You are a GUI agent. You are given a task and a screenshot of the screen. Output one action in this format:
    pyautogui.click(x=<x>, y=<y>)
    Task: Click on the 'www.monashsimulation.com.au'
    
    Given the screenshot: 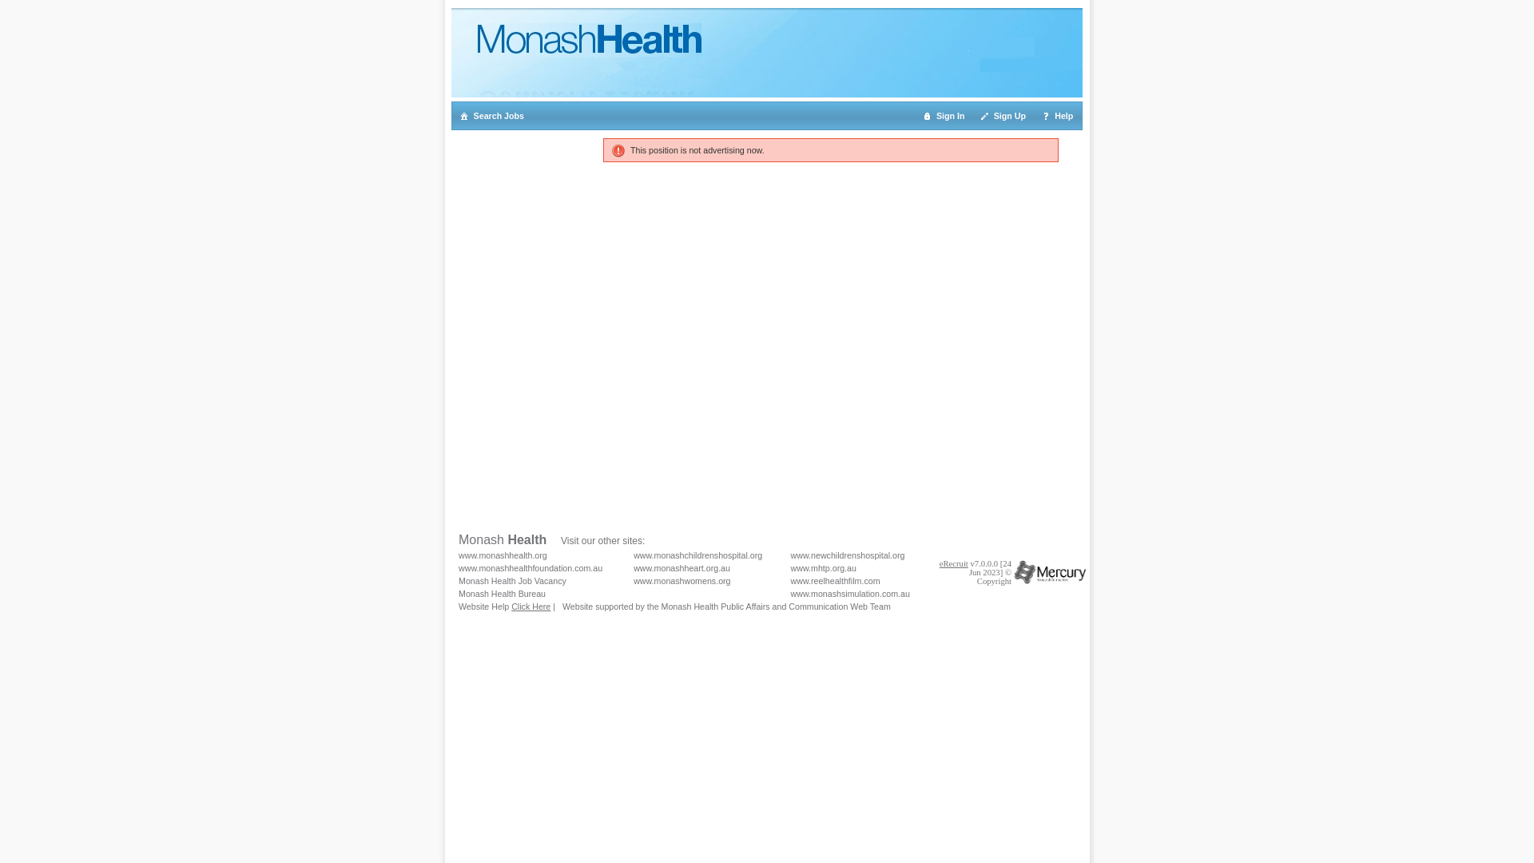 What is the action you would take?
    pyautogui.click(x=790, y=594)
    